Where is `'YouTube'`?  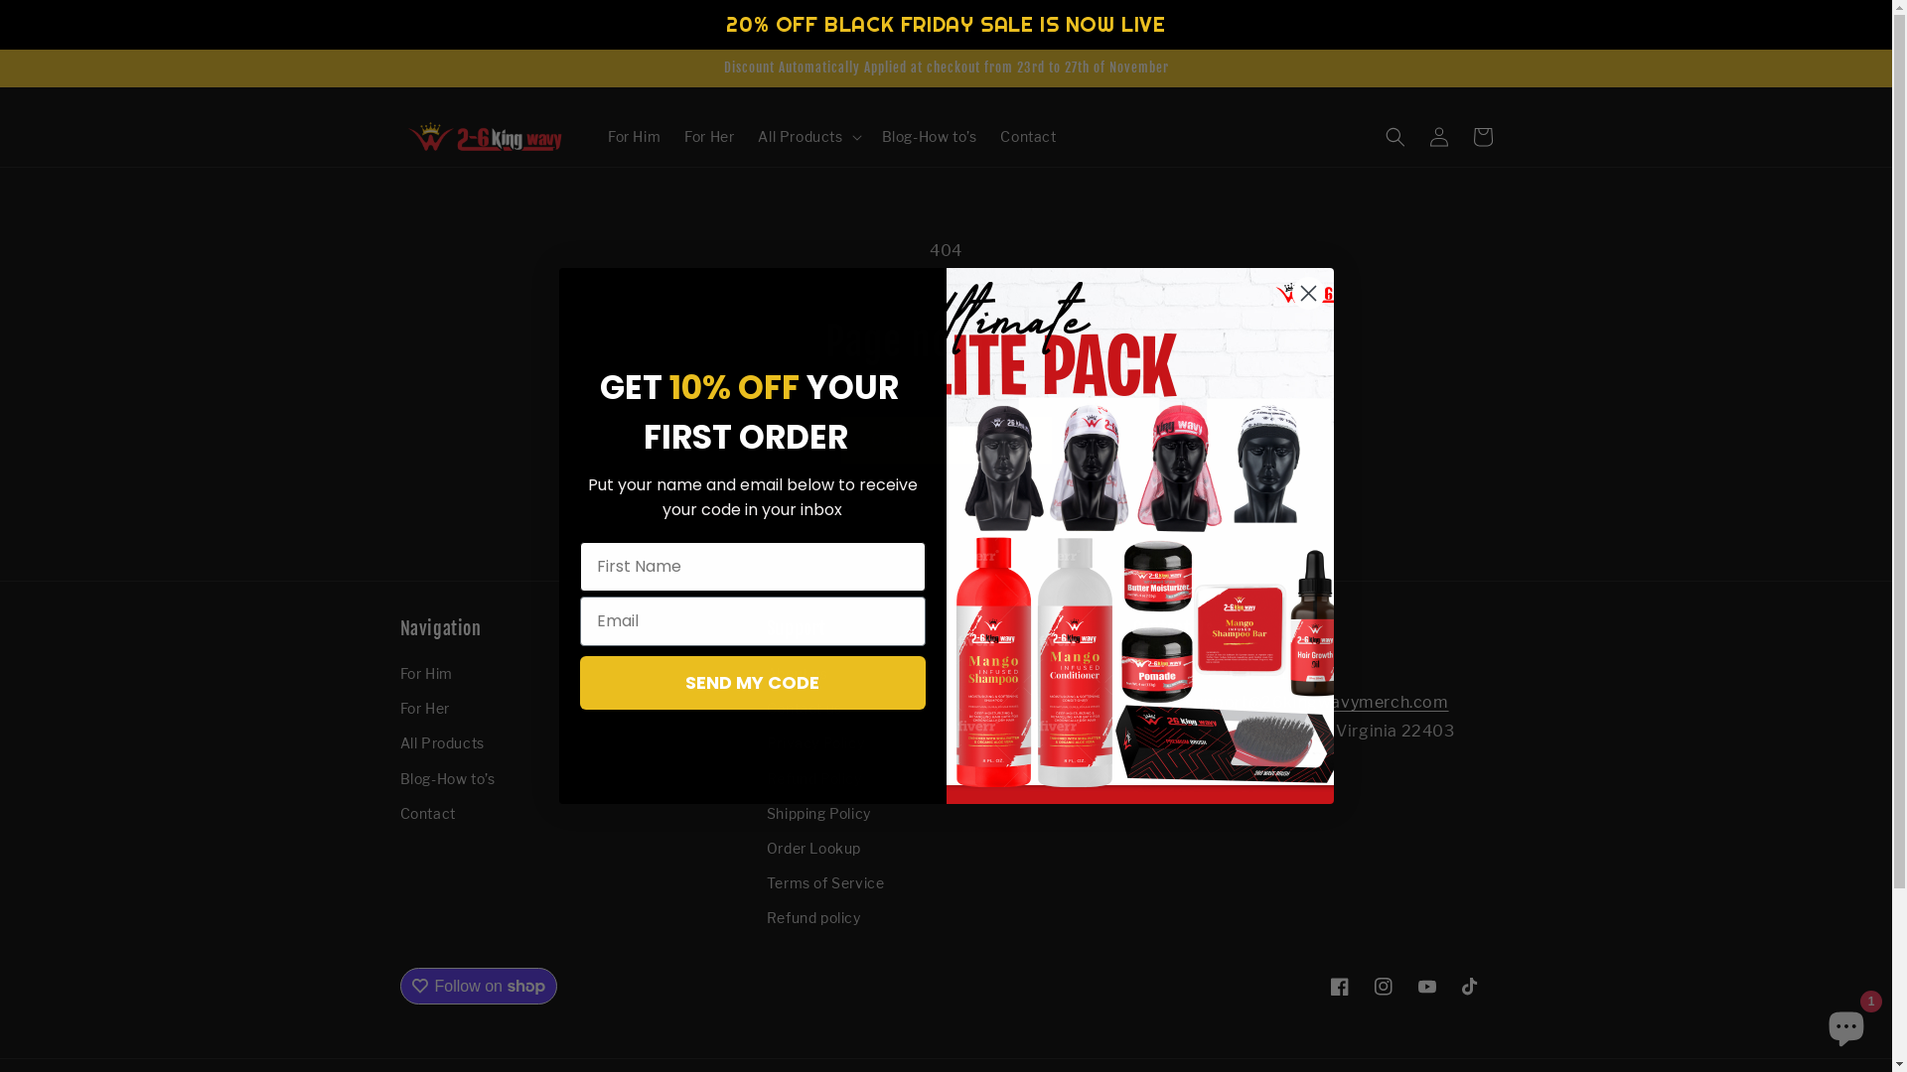
'YouTube' is located at coordinates (1424, 987).